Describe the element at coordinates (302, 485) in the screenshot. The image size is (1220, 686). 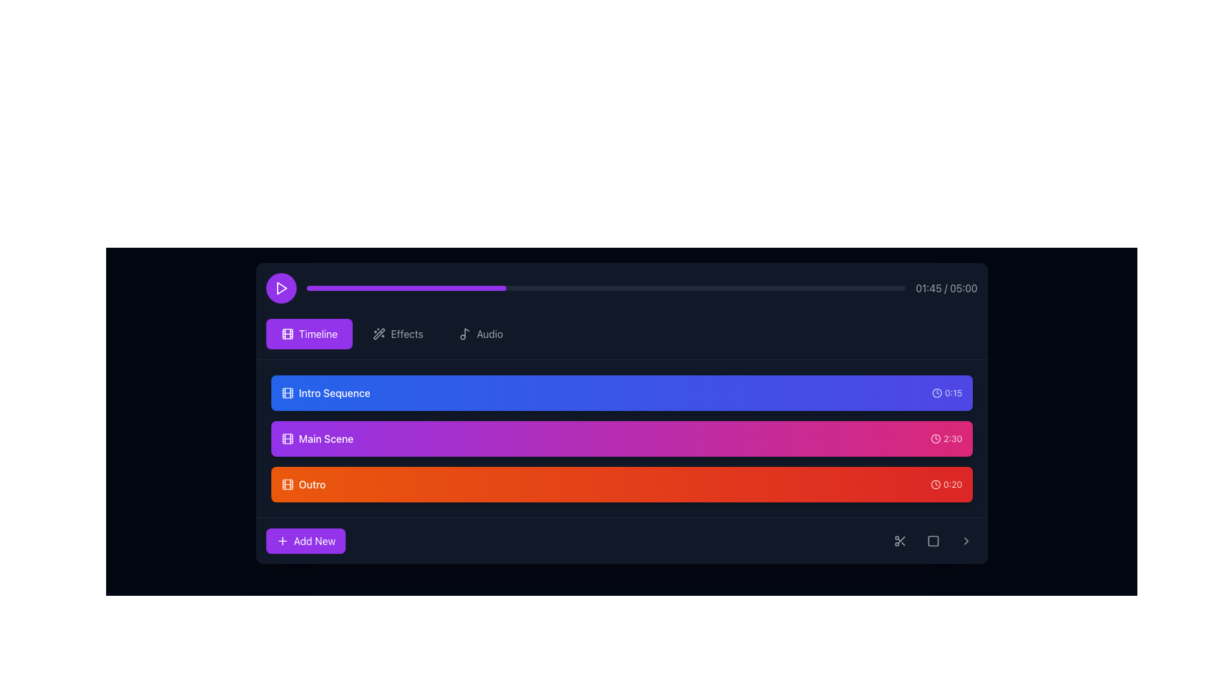
I see `the text of the label 'Outro' which is displayed in white font on an orange background, accompanied by a small white icon resembling a filmstrip` at that location.